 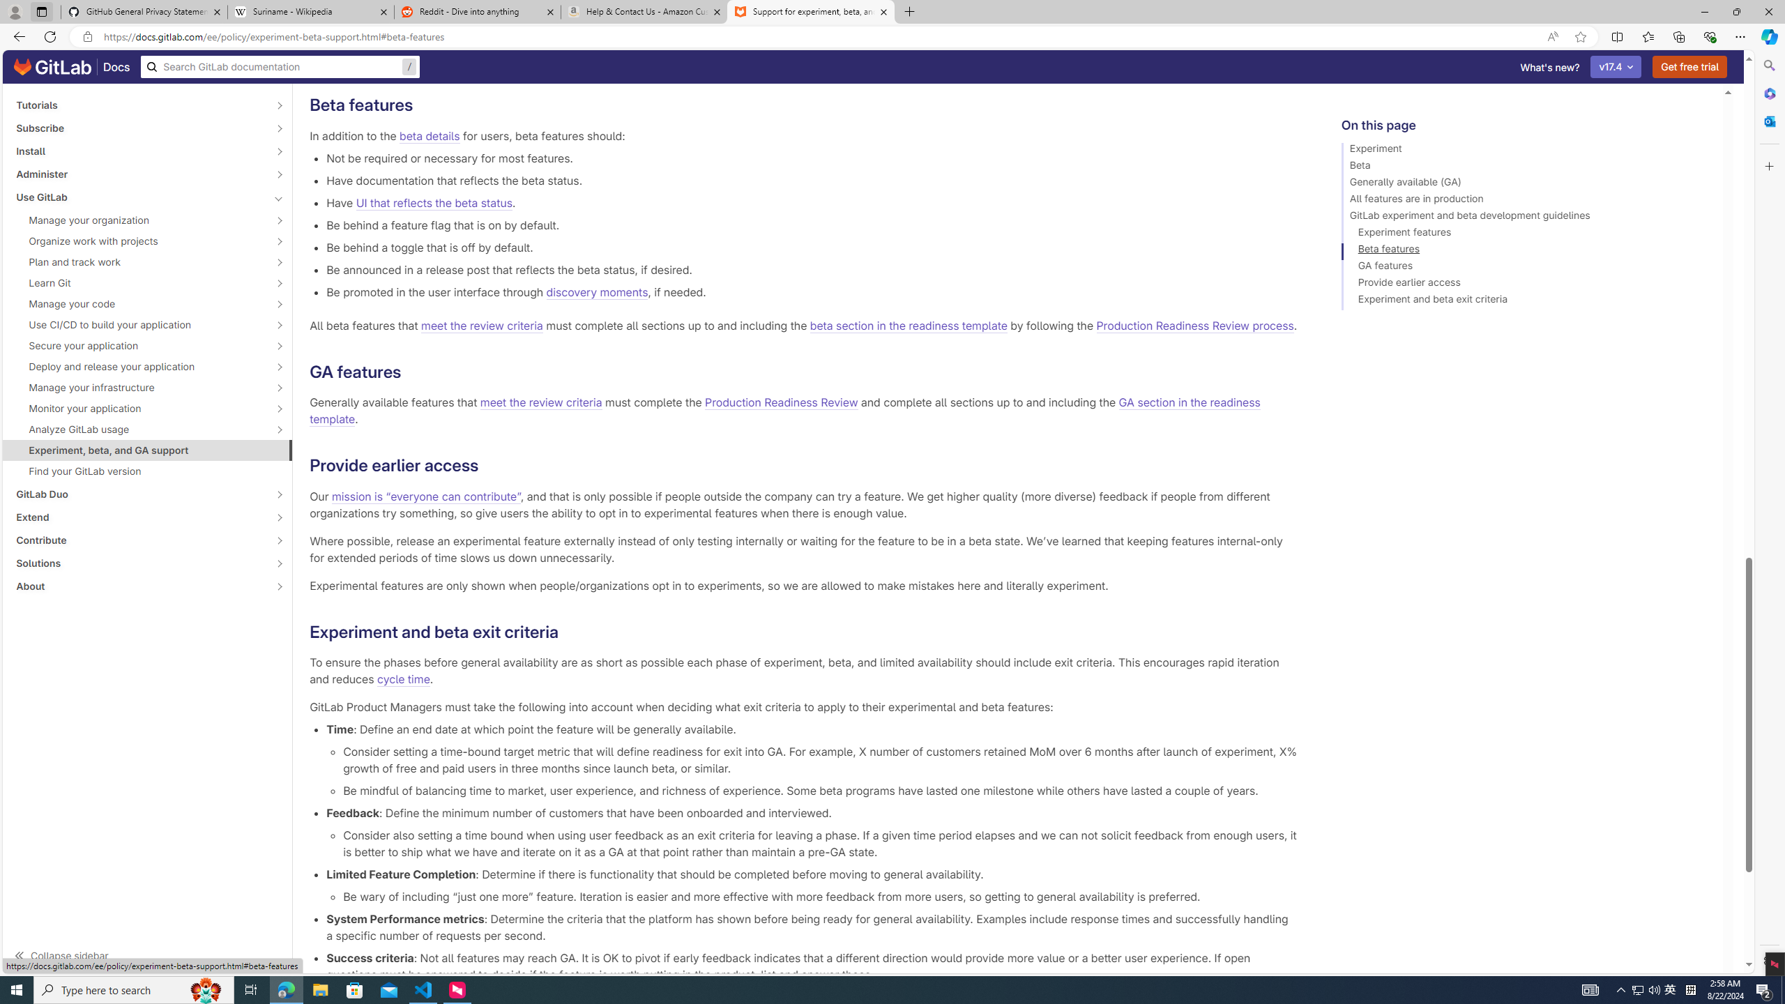 What do you see at coordinates (1690, 66) in the screenshot?
I see `'Get free trial'` at bounding box center [1690, 66].